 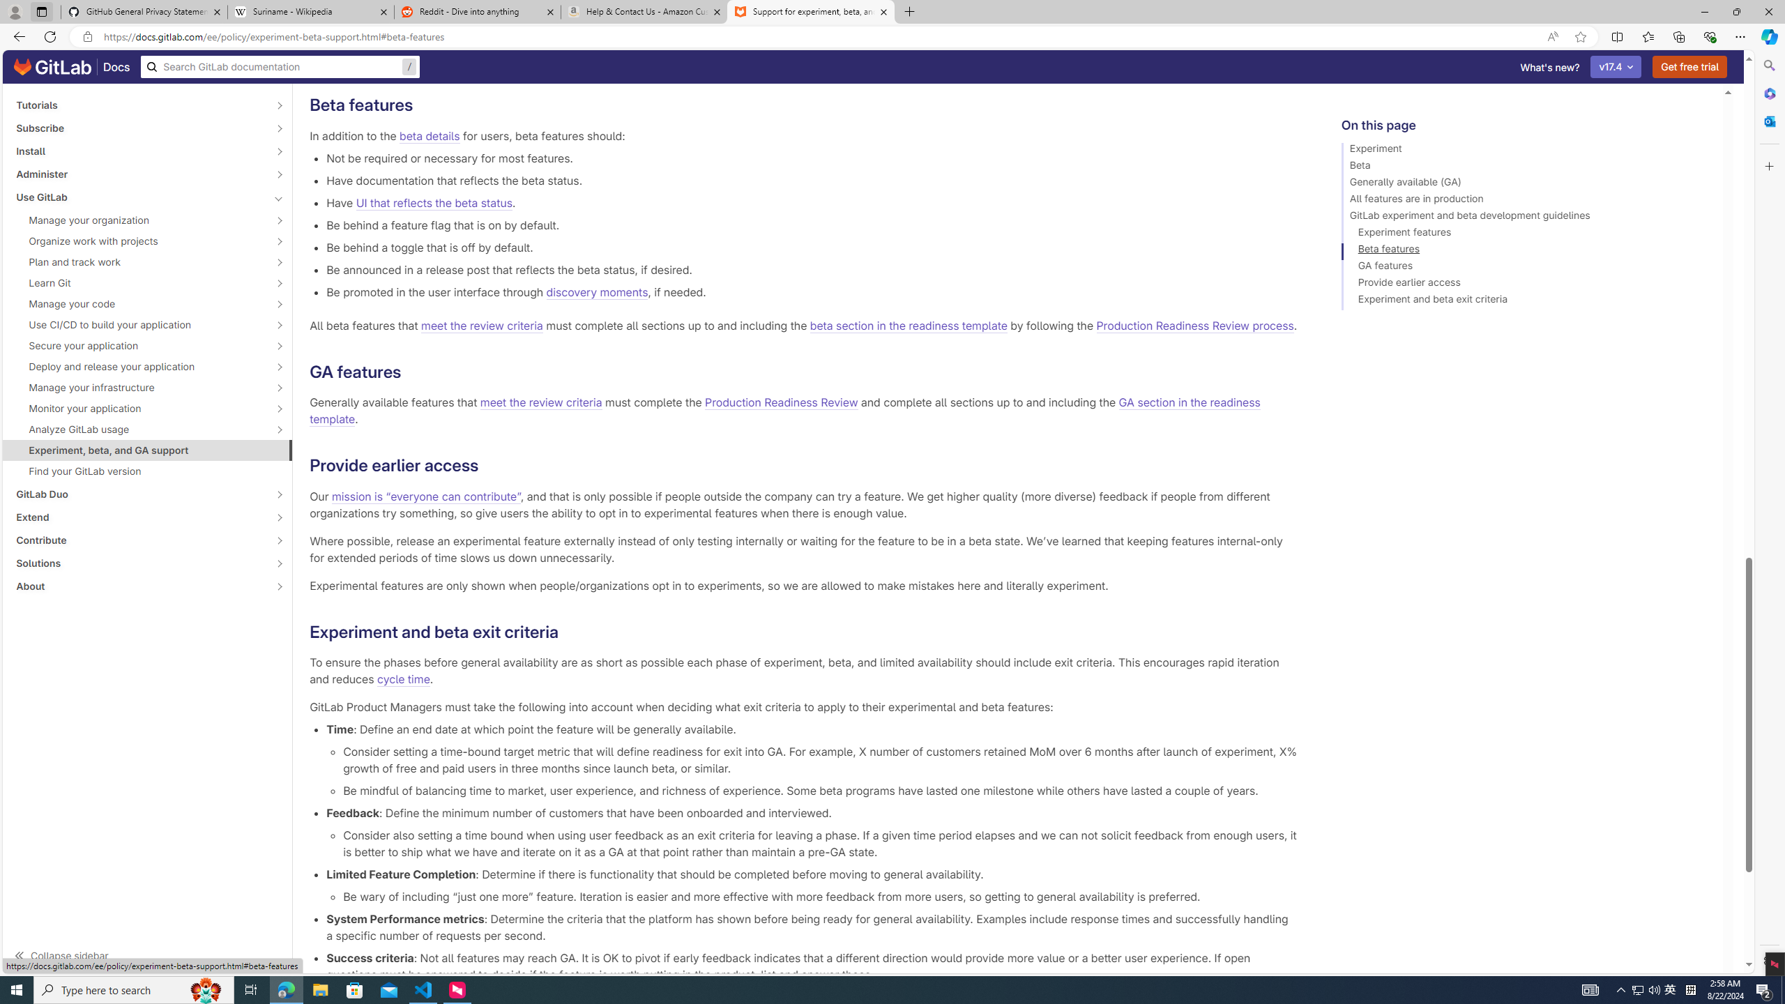 What do you see at coordinates (1690, 66) in the screenshot?
I see `'Get free trial'` at bounding box center [1690, 66].